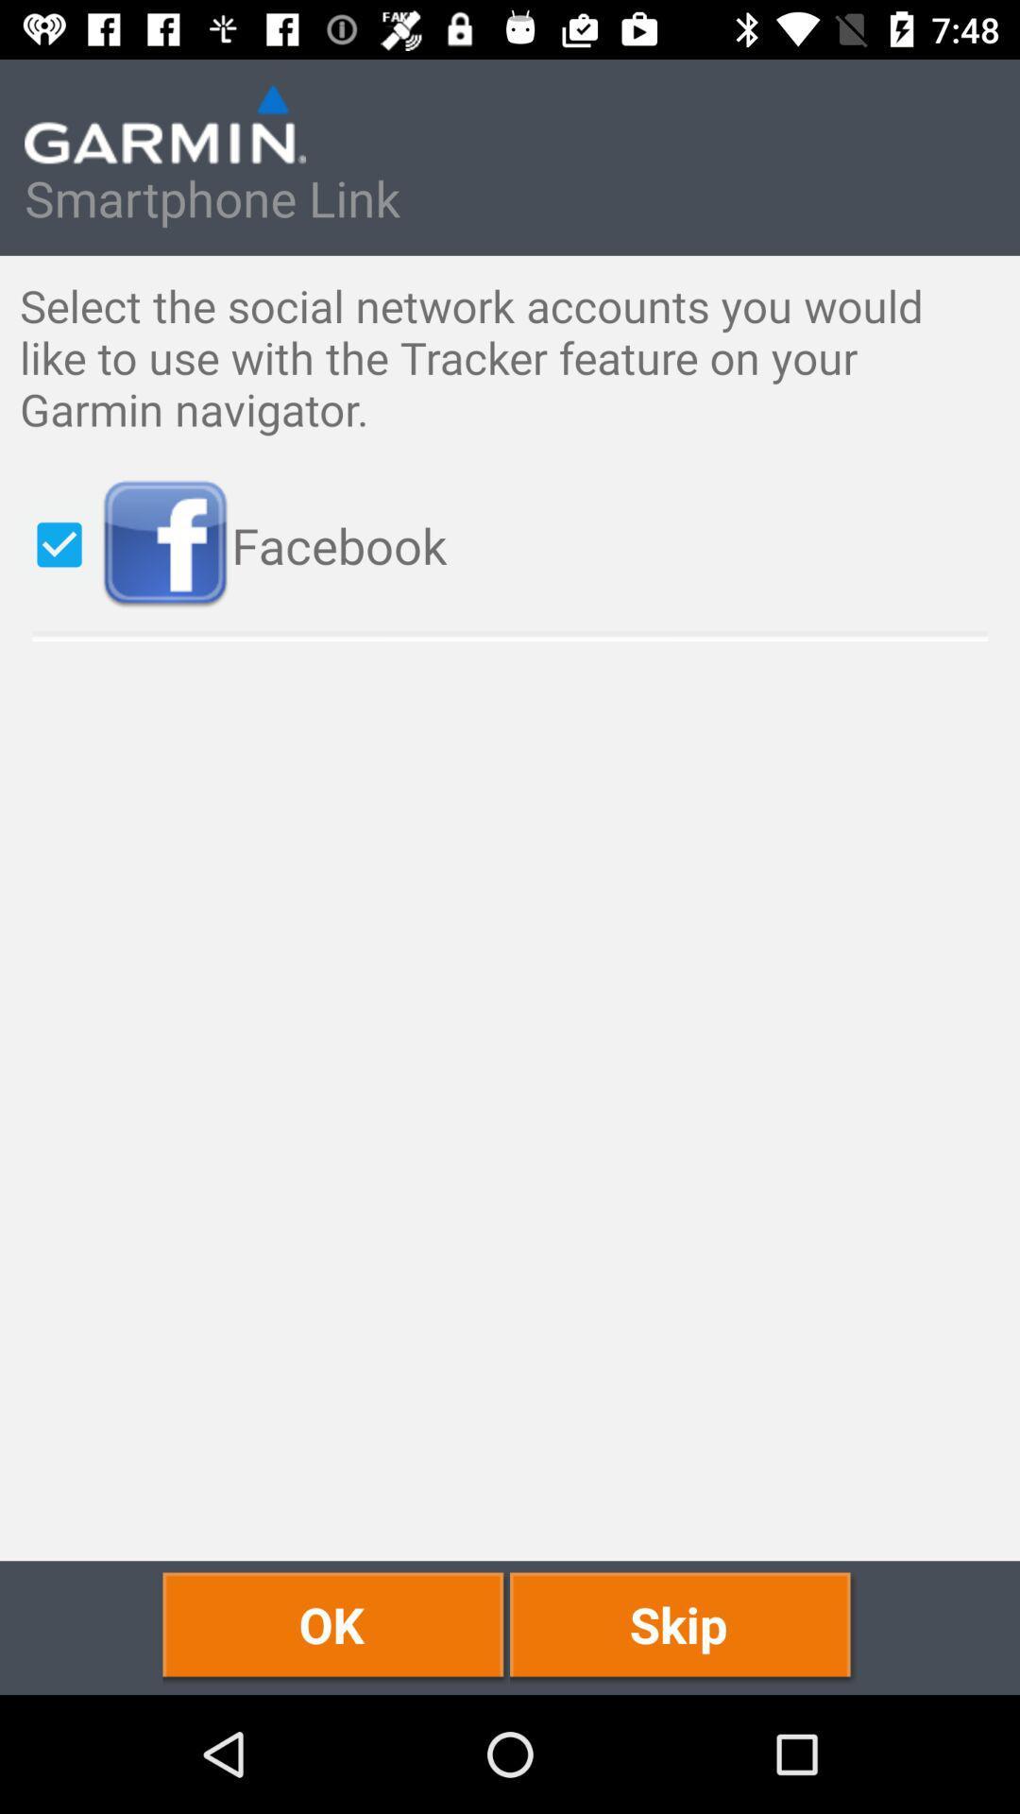 This screenshot has width=1020, height=1814. Describe the element at coordinates (335, 1627) in the screenshot. I see `the item to the left of skip` at that location.